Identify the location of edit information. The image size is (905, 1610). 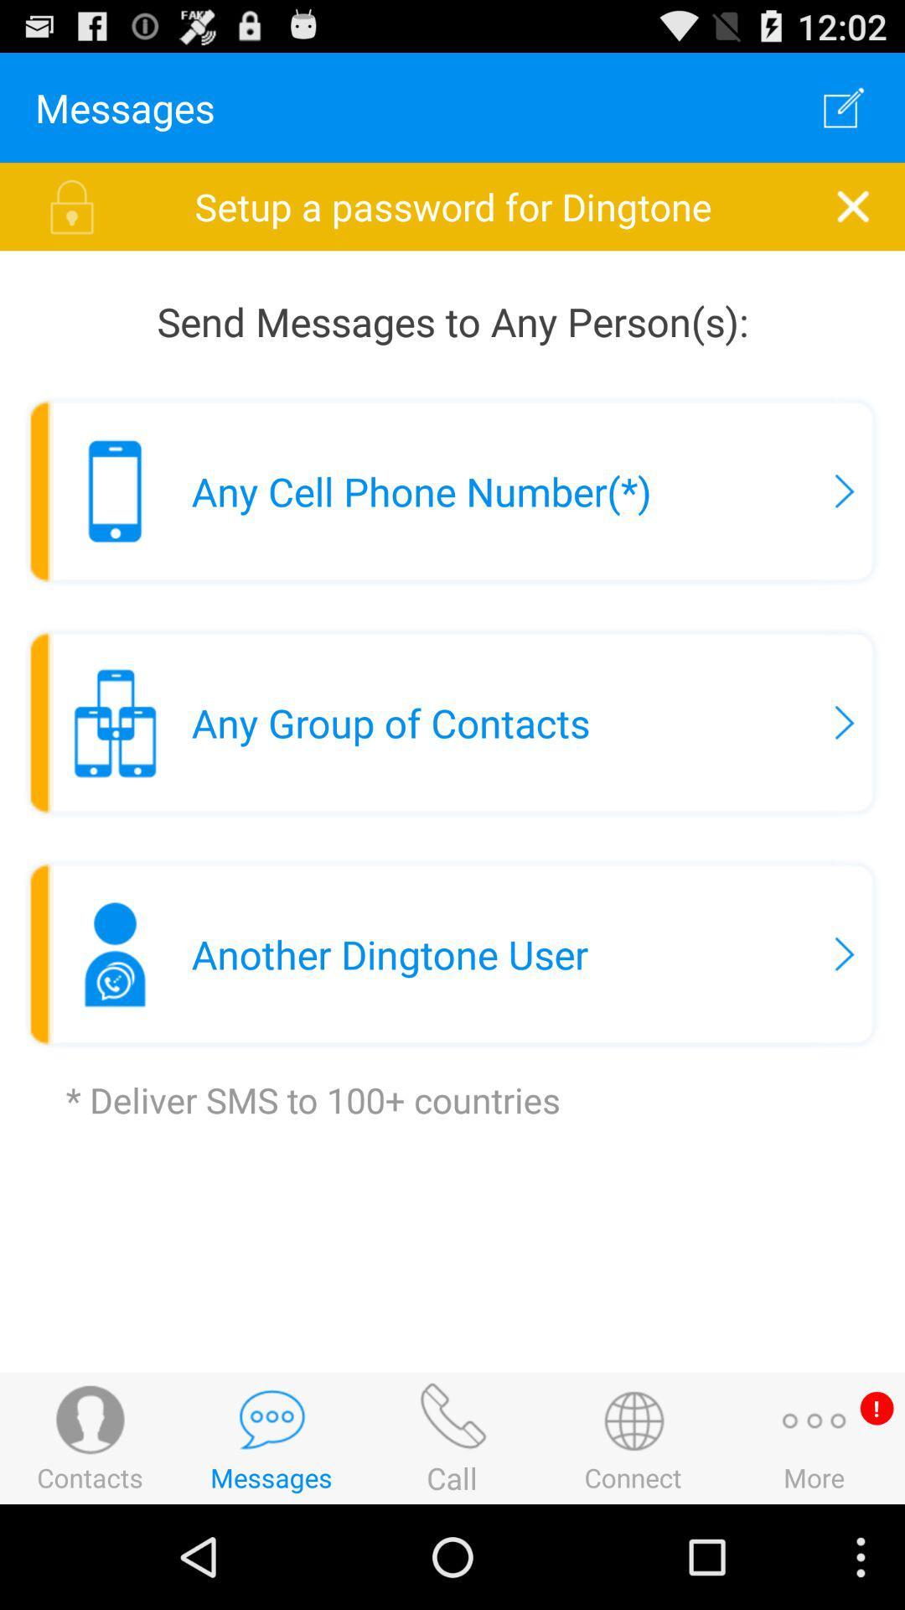
(844, 106).